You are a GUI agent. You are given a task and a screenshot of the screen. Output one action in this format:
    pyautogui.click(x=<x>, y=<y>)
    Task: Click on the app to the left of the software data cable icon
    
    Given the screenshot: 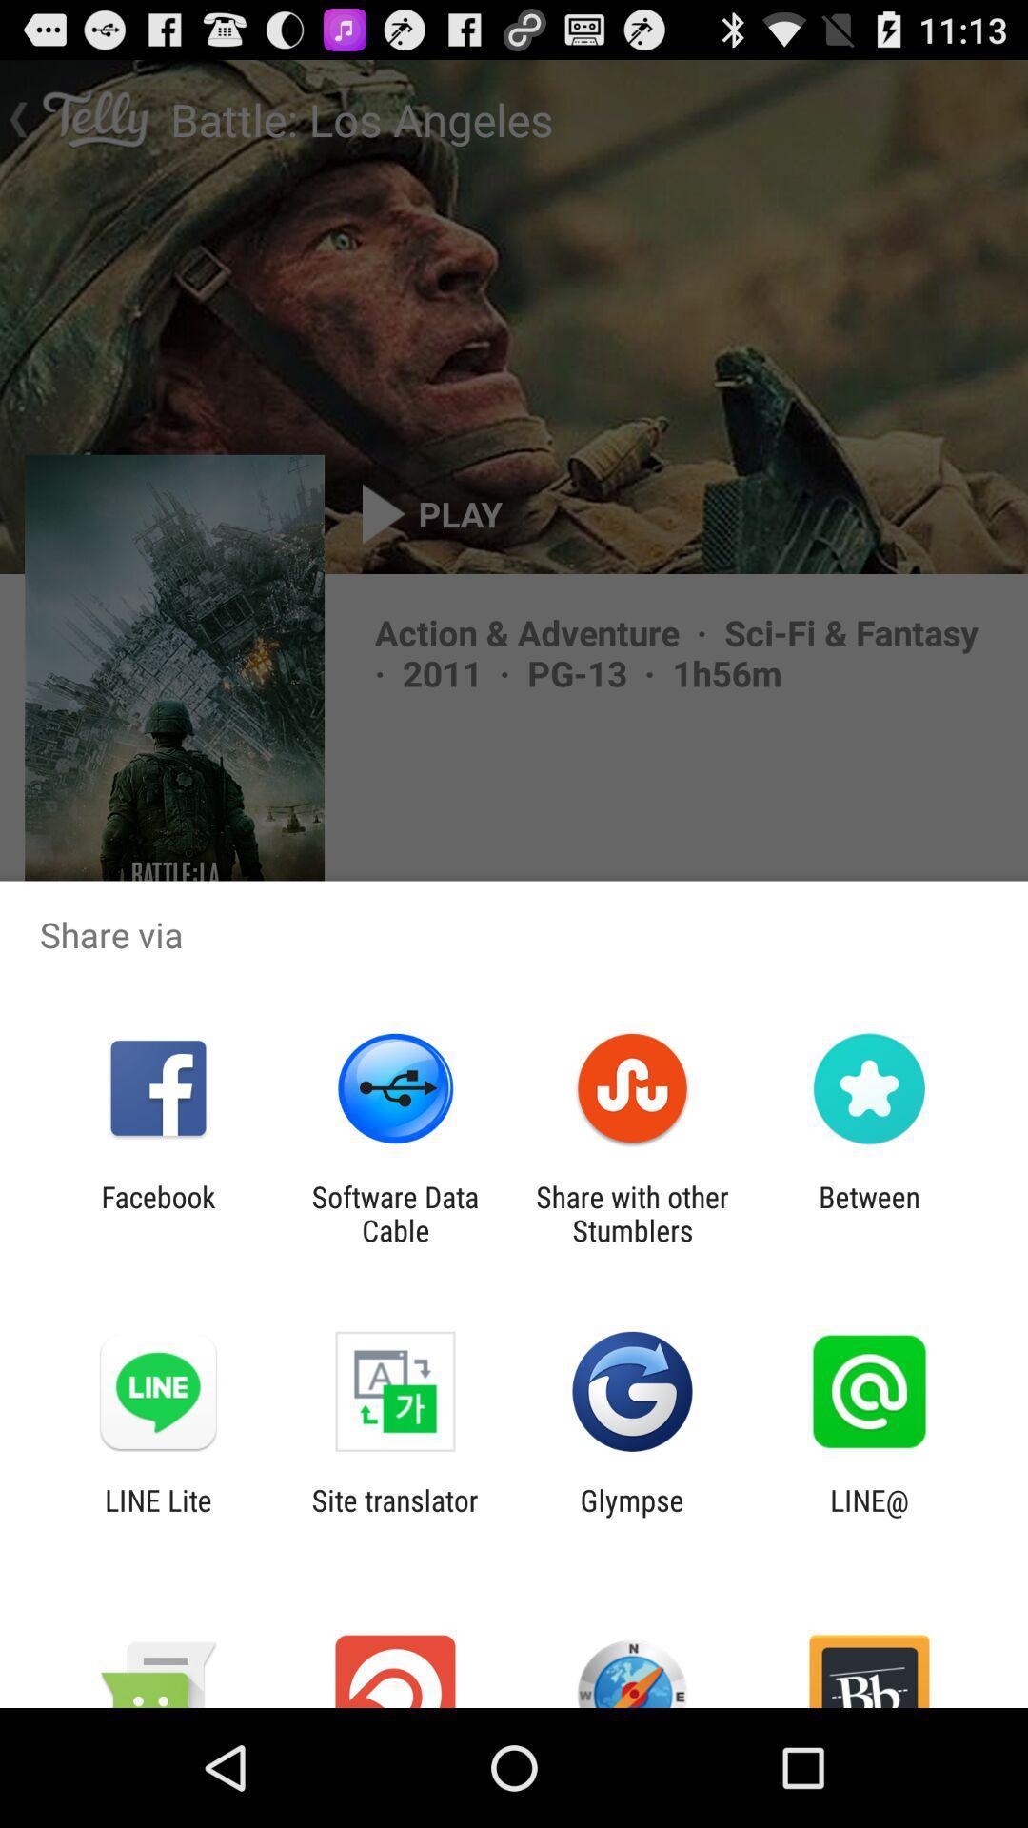 What is the action you would take?
    pyautogui.click(x=157, y=1213)
    